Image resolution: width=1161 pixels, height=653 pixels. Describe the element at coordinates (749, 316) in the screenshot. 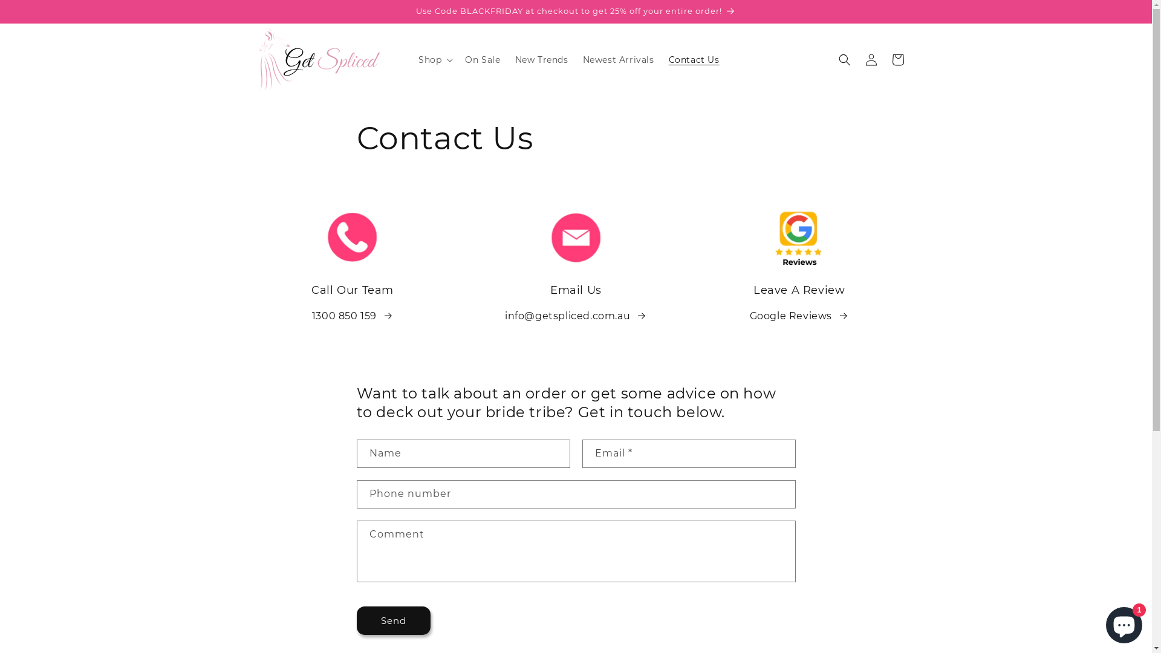

I see `'Google Reviews '` at that location.